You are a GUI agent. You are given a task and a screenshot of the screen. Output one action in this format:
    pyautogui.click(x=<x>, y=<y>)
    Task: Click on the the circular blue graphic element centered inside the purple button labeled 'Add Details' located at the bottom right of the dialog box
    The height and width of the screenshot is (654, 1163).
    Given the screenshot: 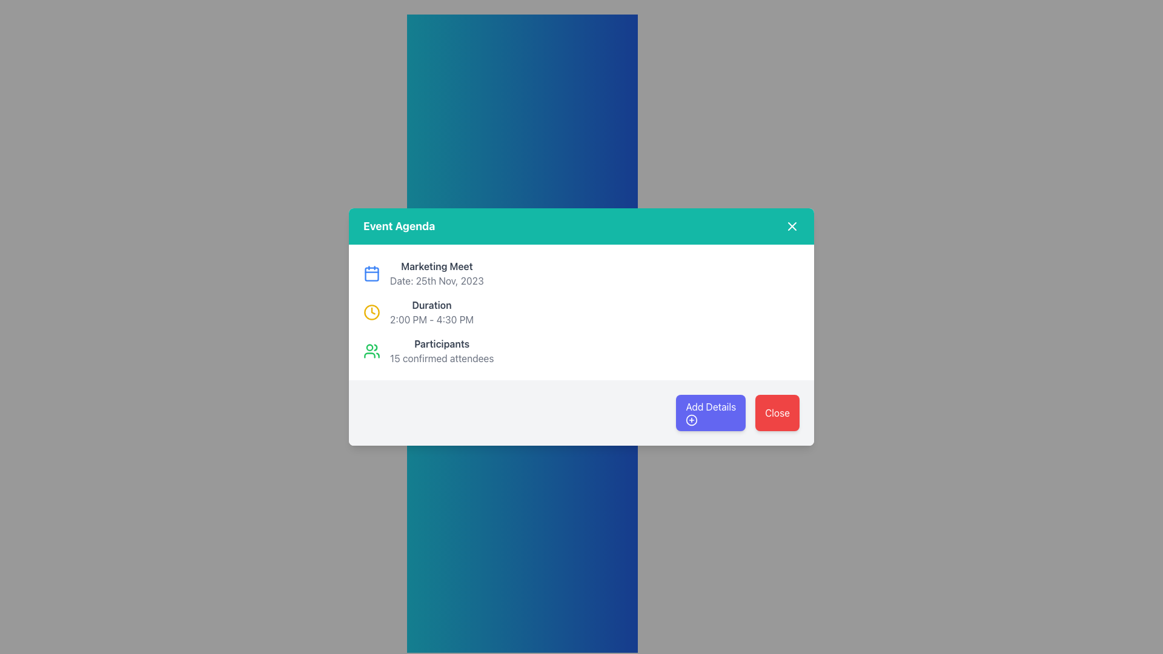 What is the action you would take?
    pyautogui.click(x=692, y=420)
    